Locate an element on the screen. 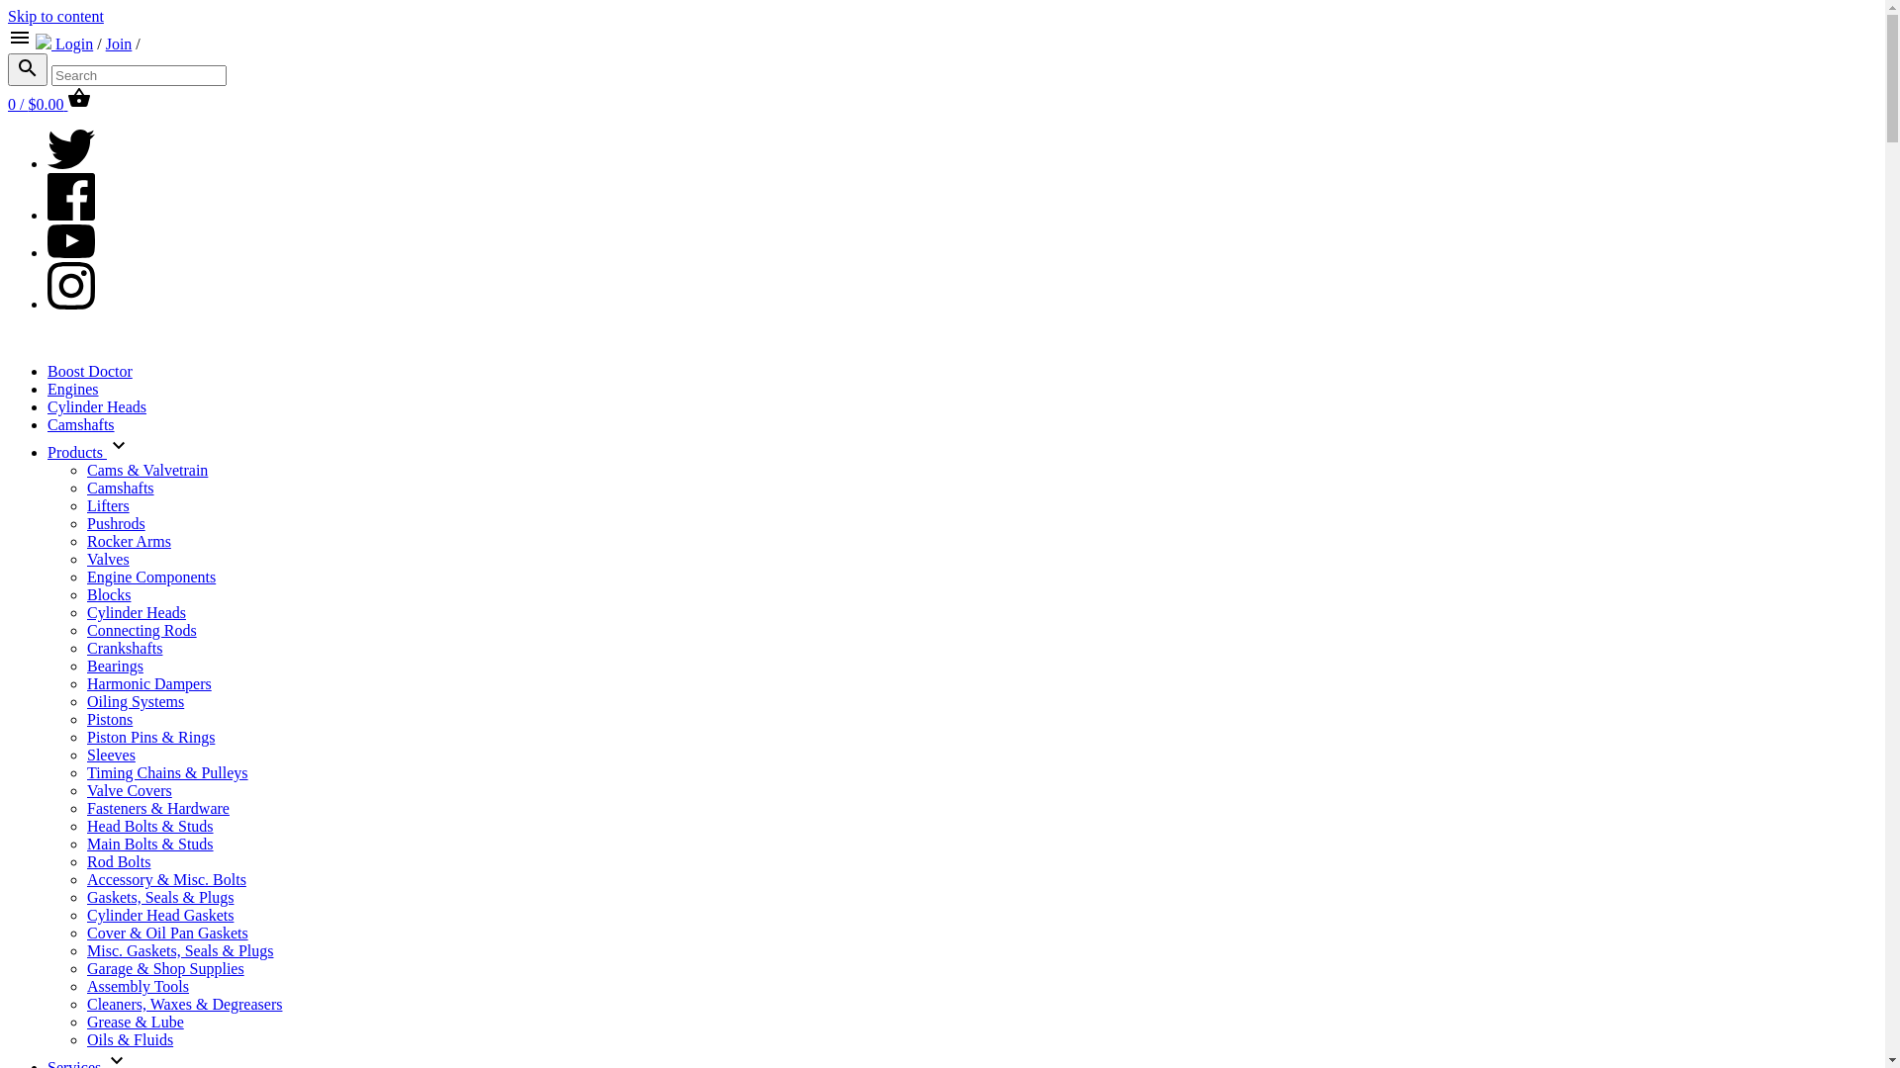 The width and height of the screenshot is (1900, 1068). 'Pushrods' is located at coordinates (115, 522).